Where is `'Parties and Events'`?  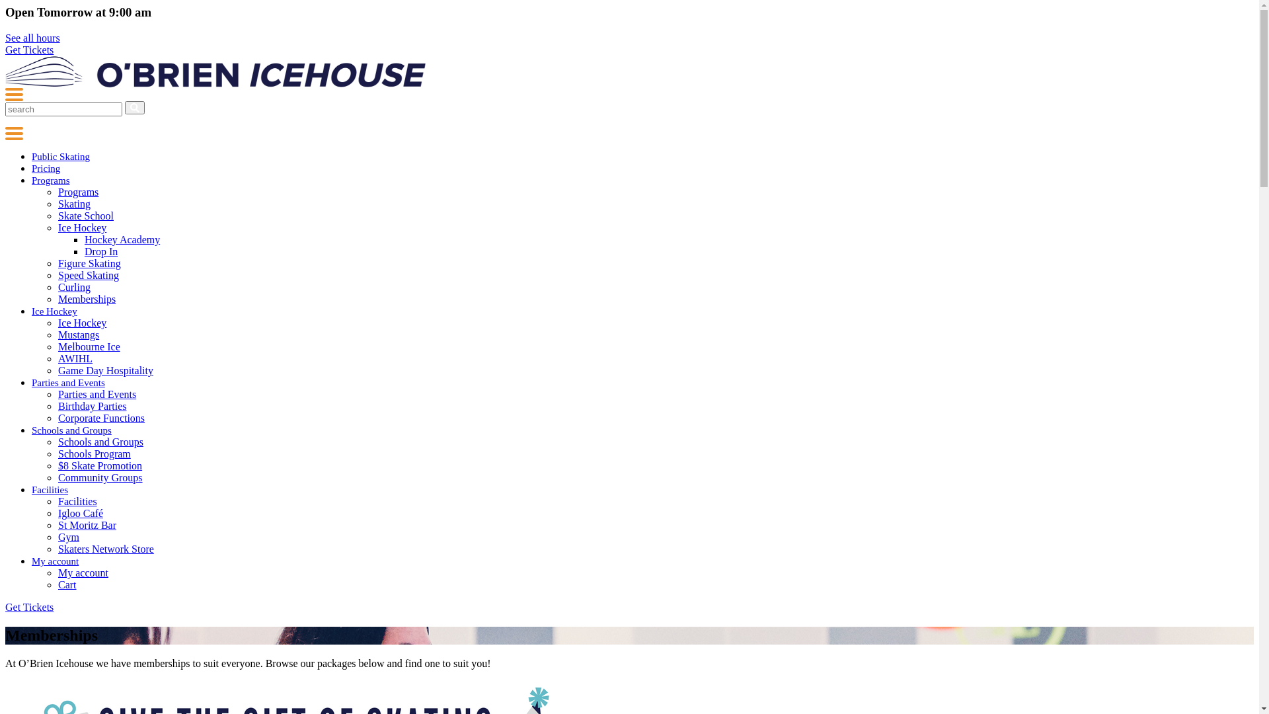 'Parties and Events' is located at coordinates (67, 382).